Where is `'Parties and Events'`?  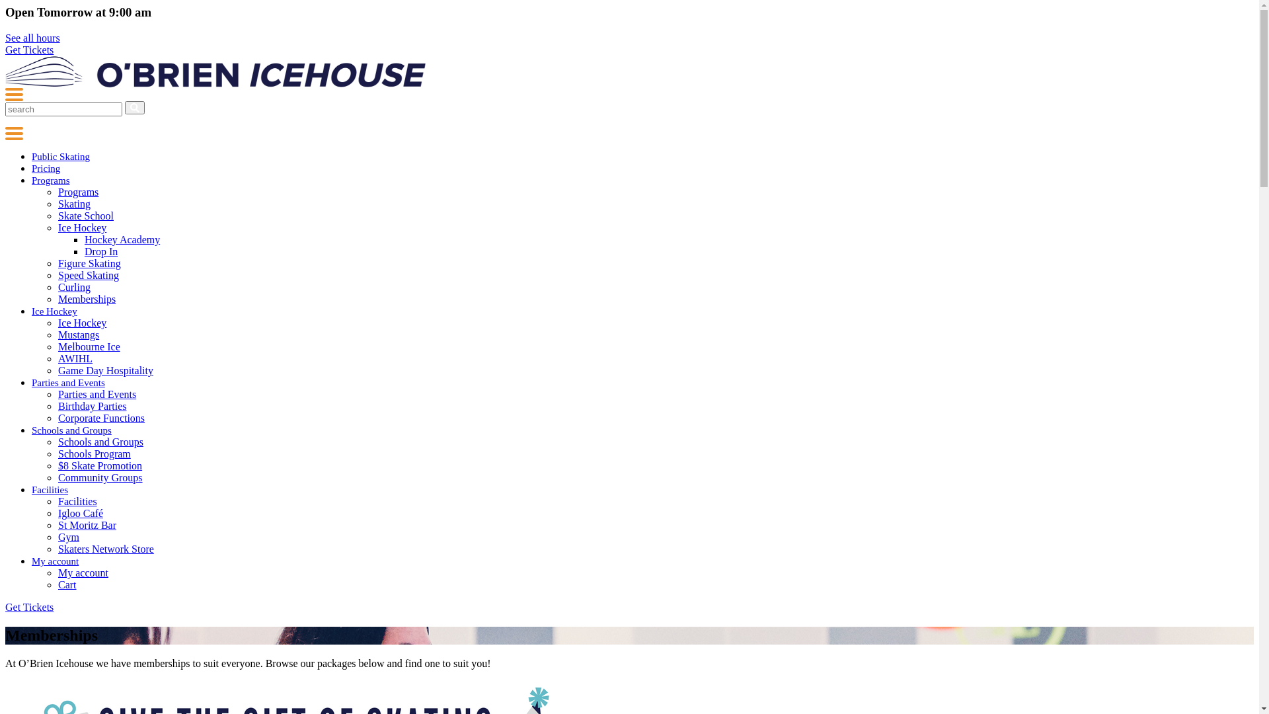 'Parties and Events' is located at coordinates (67, 382).